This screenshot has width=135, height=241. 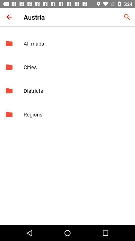 I want to click on cities icon, so click(x=76, y=67).